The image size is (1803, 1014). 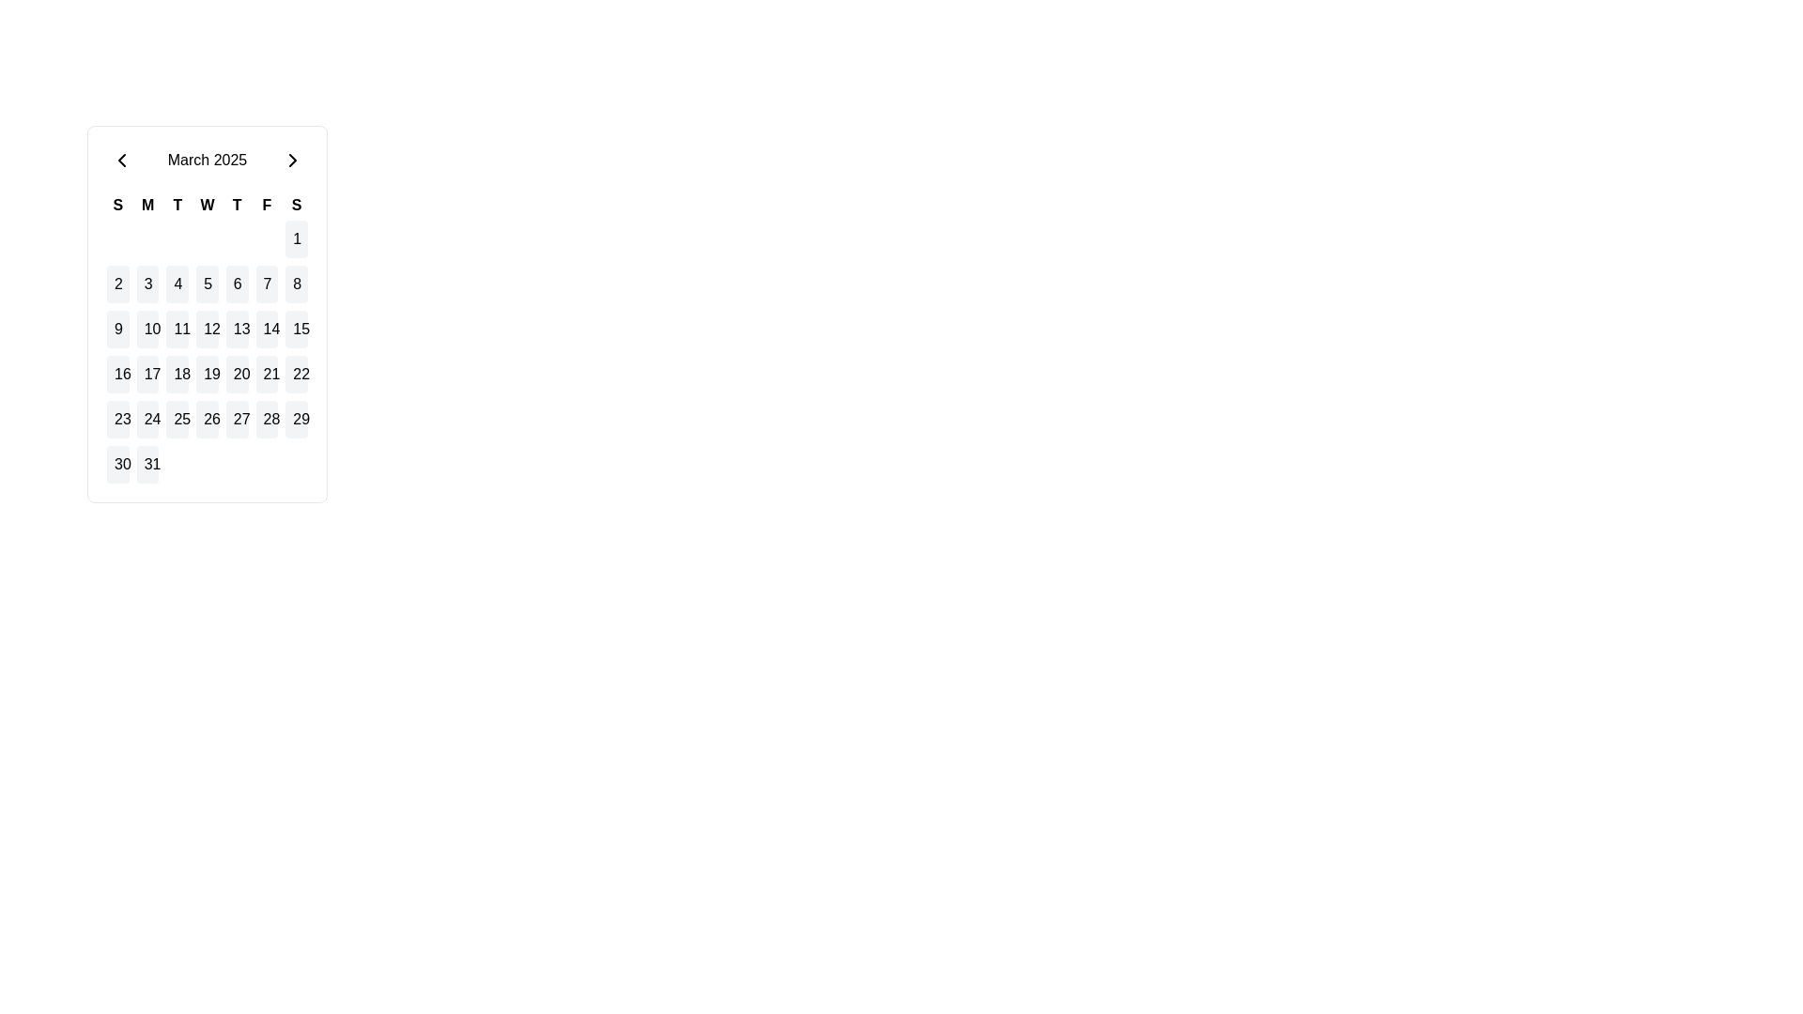 What do you see at coordinates (296, 284) in the screenshot?
I see `the rounded rectangular button displaying the number '8' in bold black text, located in the second row and seventh column of the calendar grid` at bounding box center [296, 284].